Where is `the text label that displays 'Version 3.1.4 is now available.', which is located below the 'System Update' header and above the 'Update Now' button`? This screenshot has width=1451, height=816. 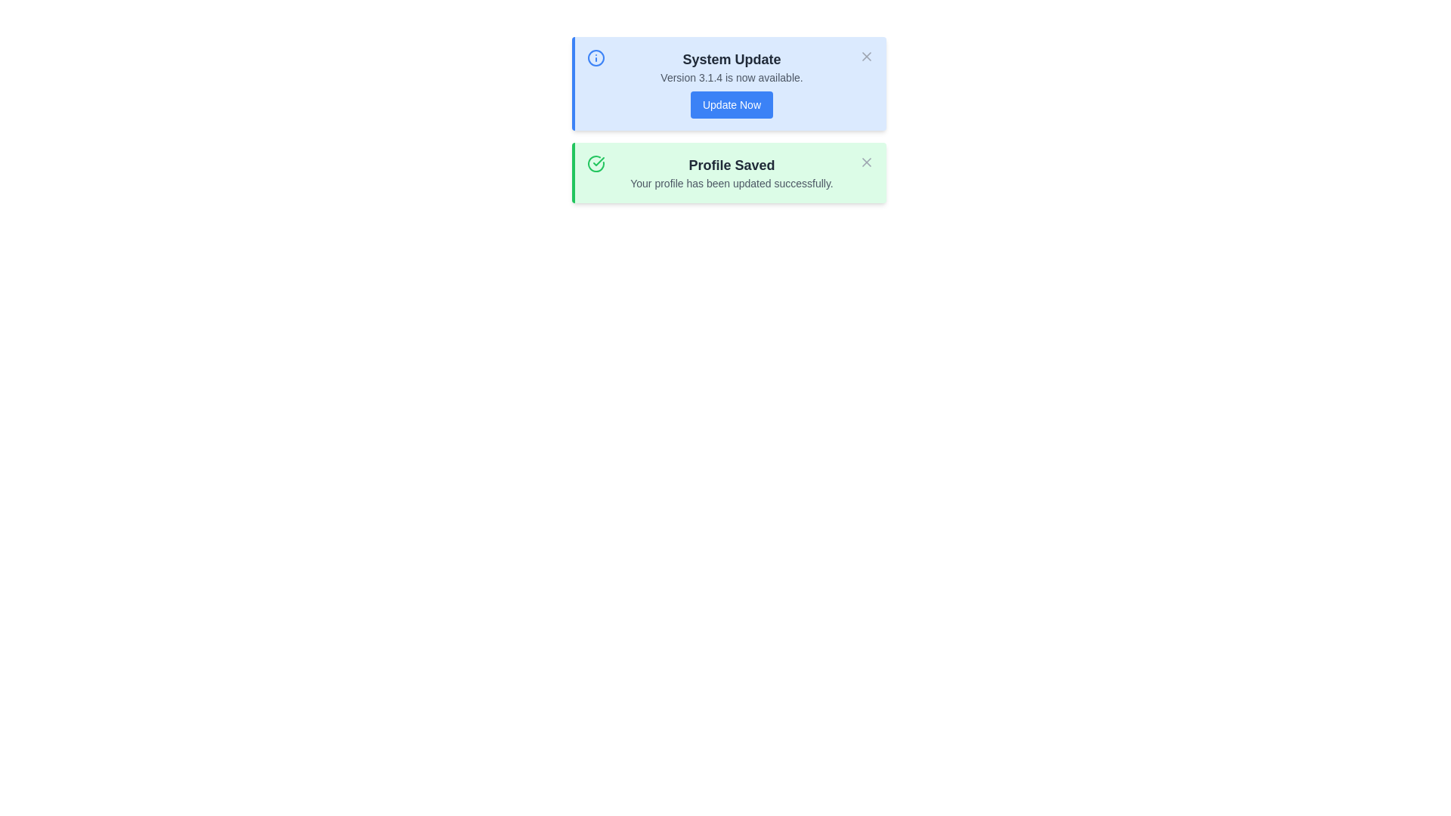 the text label that displays 'Version 3.1.4 is now available.', which is located below the 'System Update' header and above the 'Update Now' button is located at coordinates (732, 78).